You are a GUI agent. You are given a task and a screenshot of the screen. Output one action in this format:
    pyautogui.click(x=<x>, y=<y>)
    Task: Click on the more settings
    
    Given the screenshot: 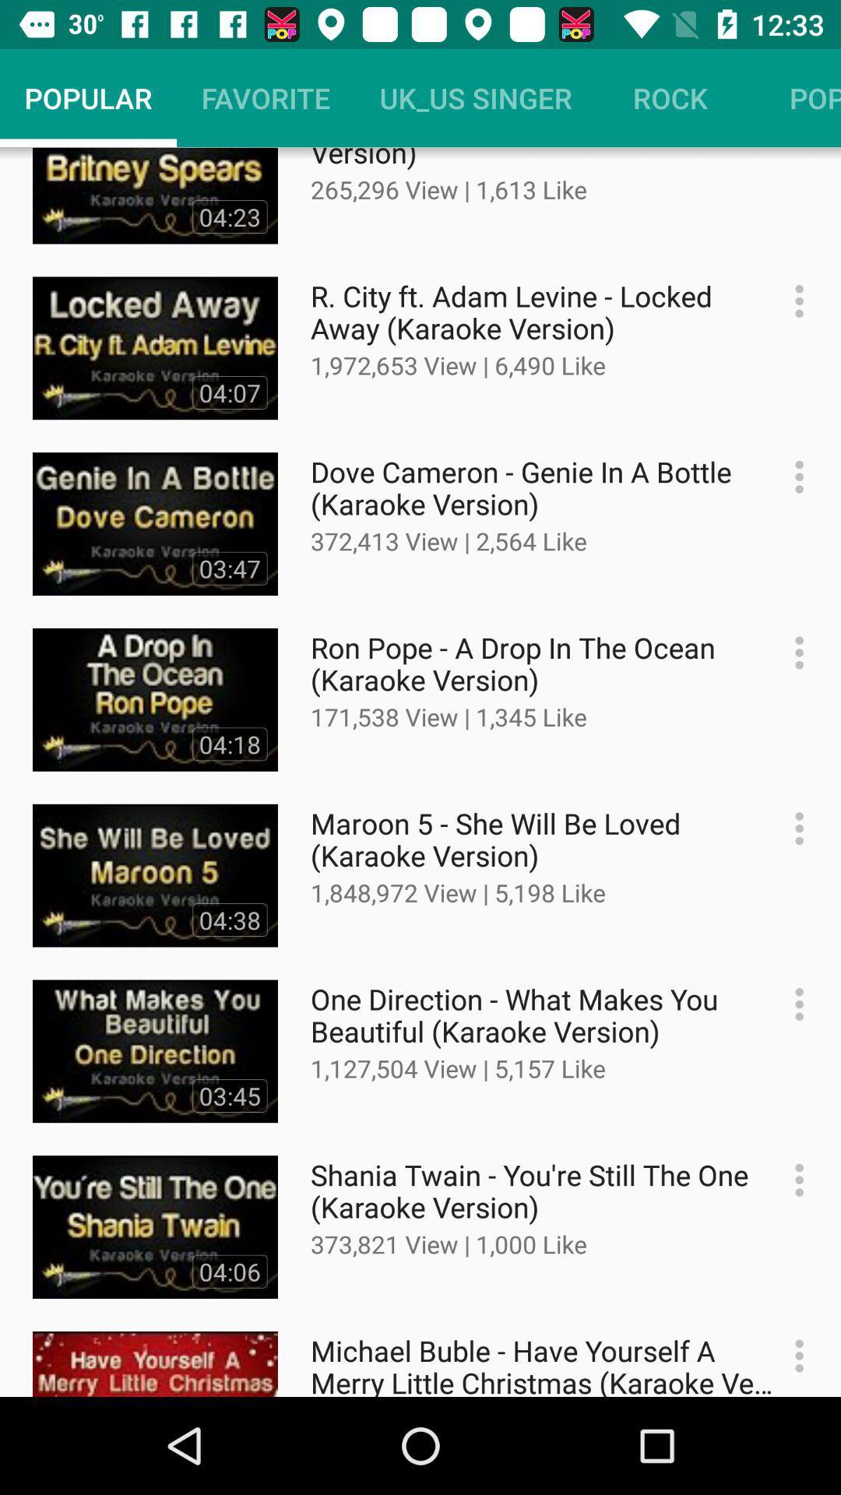 What is the action you would take?
    pyautogui.click(x=791, y=476)
    